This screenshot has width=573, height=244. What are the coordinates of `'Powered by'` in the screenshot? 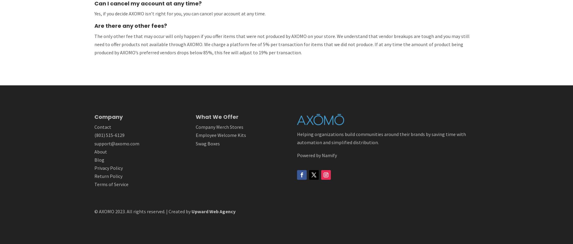 It's located at (309, 155).